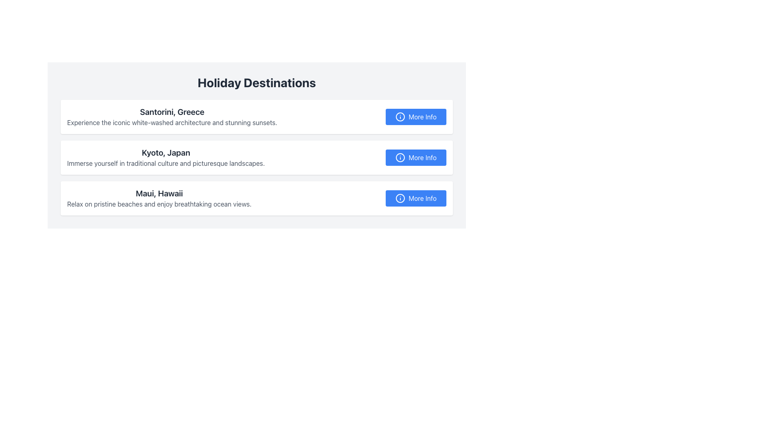 The width and height of the screenshot is (782, 440). What do you see at coordinates (159, 204) in the screenshot?
I see `text displayed in gray that reads, 'Relax on pristine beaches and enjoy breathtaking ocean views.' which is located beneath the main title of the 'Maui, Hawaii' section` at bounding box center [159, 204].